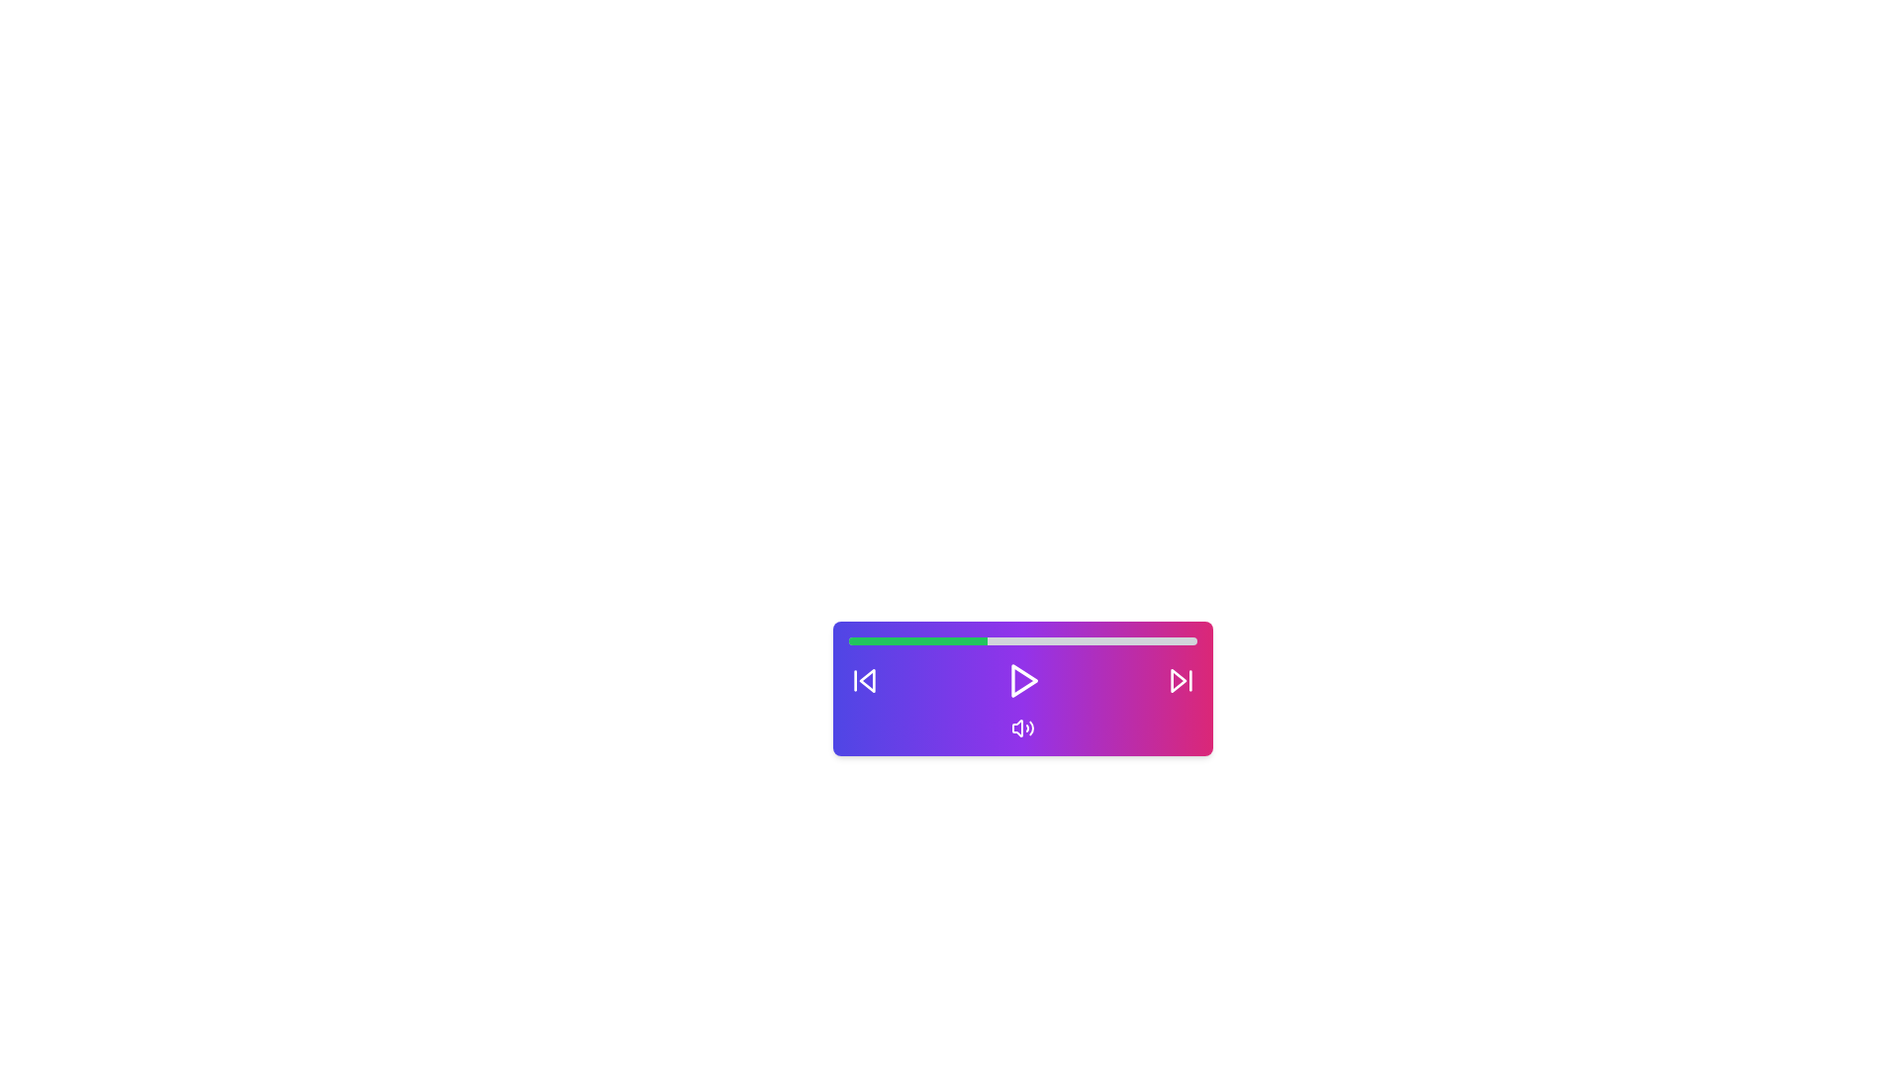 The height and width of the screenshot is (1069, 1900). I want to click on the volume to 49 percent, so click(1018, 641).